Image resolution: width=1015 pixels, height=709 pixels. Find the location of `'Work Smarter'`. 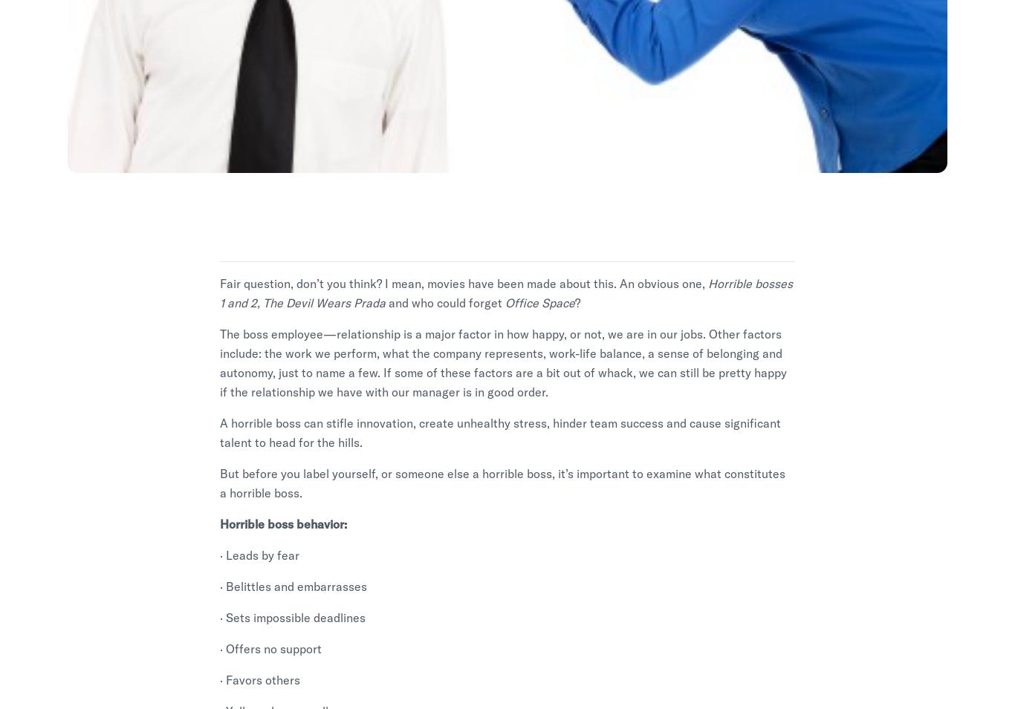

'Work Smarter' is located at coordinates (412, 21).